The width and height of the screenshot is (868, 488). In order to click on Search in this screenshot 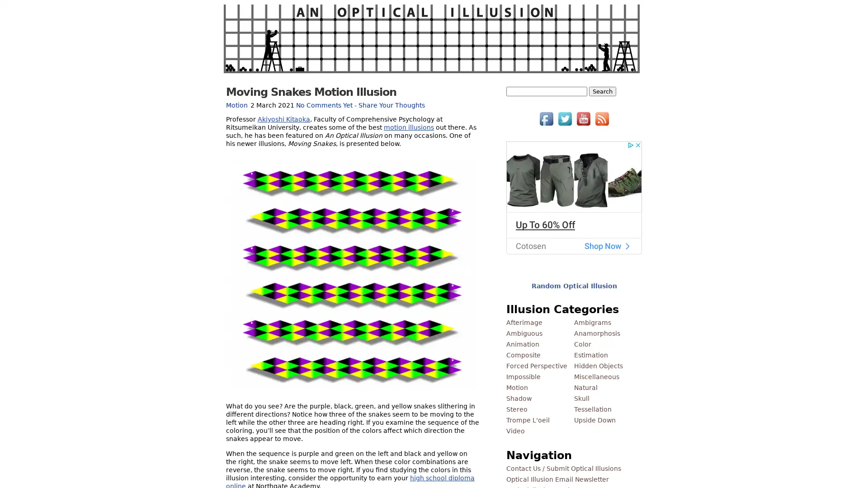, I will do `click(603, 91)`.